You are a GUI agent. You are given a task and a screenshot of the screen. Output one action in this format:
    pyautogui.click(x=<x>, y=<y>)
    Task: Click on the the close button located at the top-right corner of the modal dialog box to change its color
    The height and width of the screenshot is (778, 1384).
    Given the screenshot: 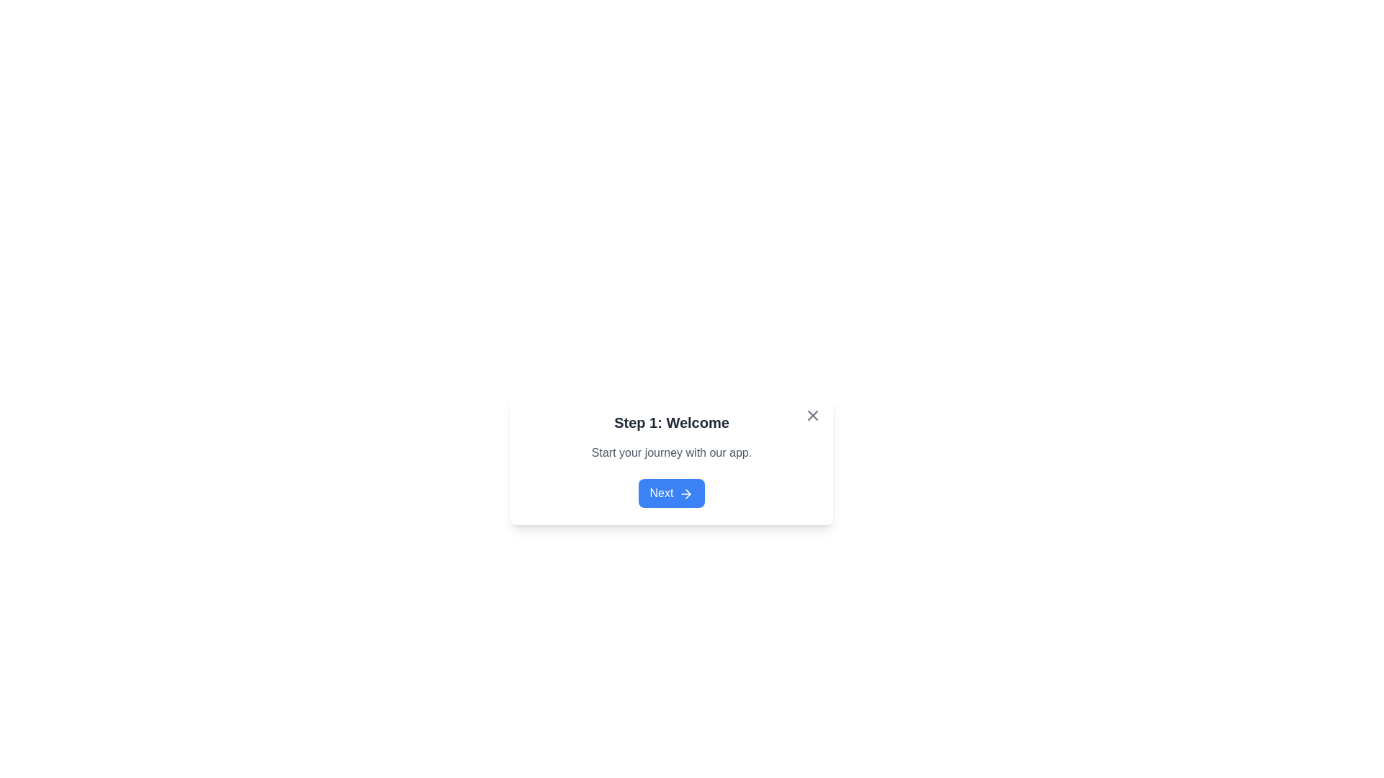 What is the action you would take?
    pyautogui.click(x=813, y=416)
    